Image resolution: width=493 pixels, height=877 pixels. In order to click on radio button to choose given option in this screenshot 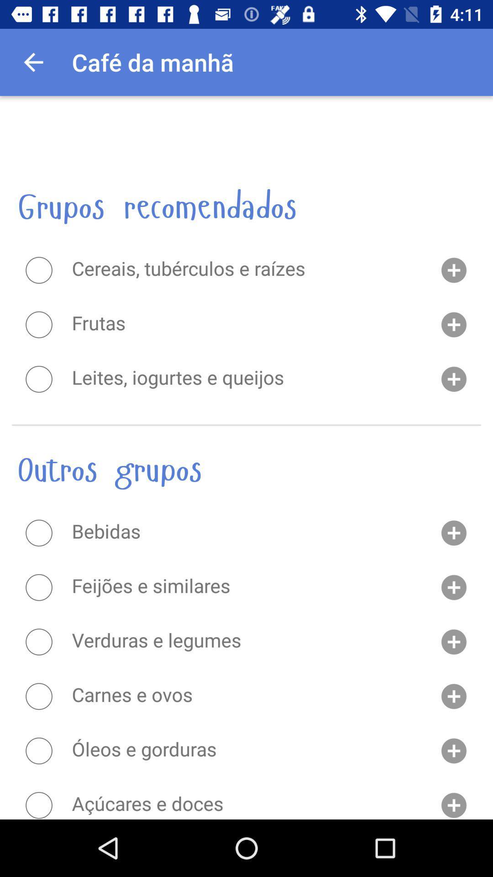, I will do `click(38, 379)`.